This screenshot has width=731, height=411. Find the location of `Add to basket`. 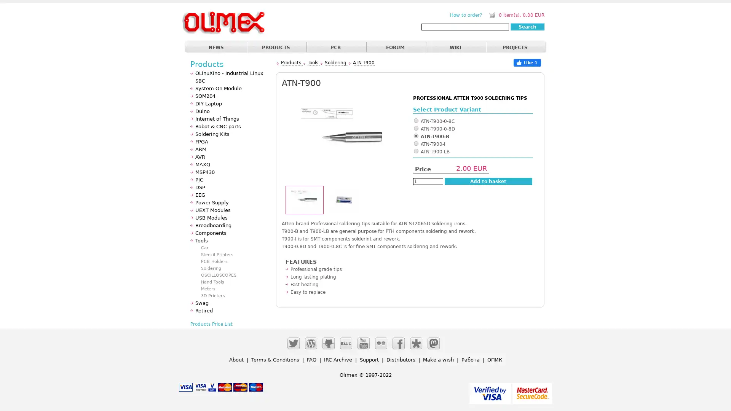

Add to basket is located at coordinates (488, 181).